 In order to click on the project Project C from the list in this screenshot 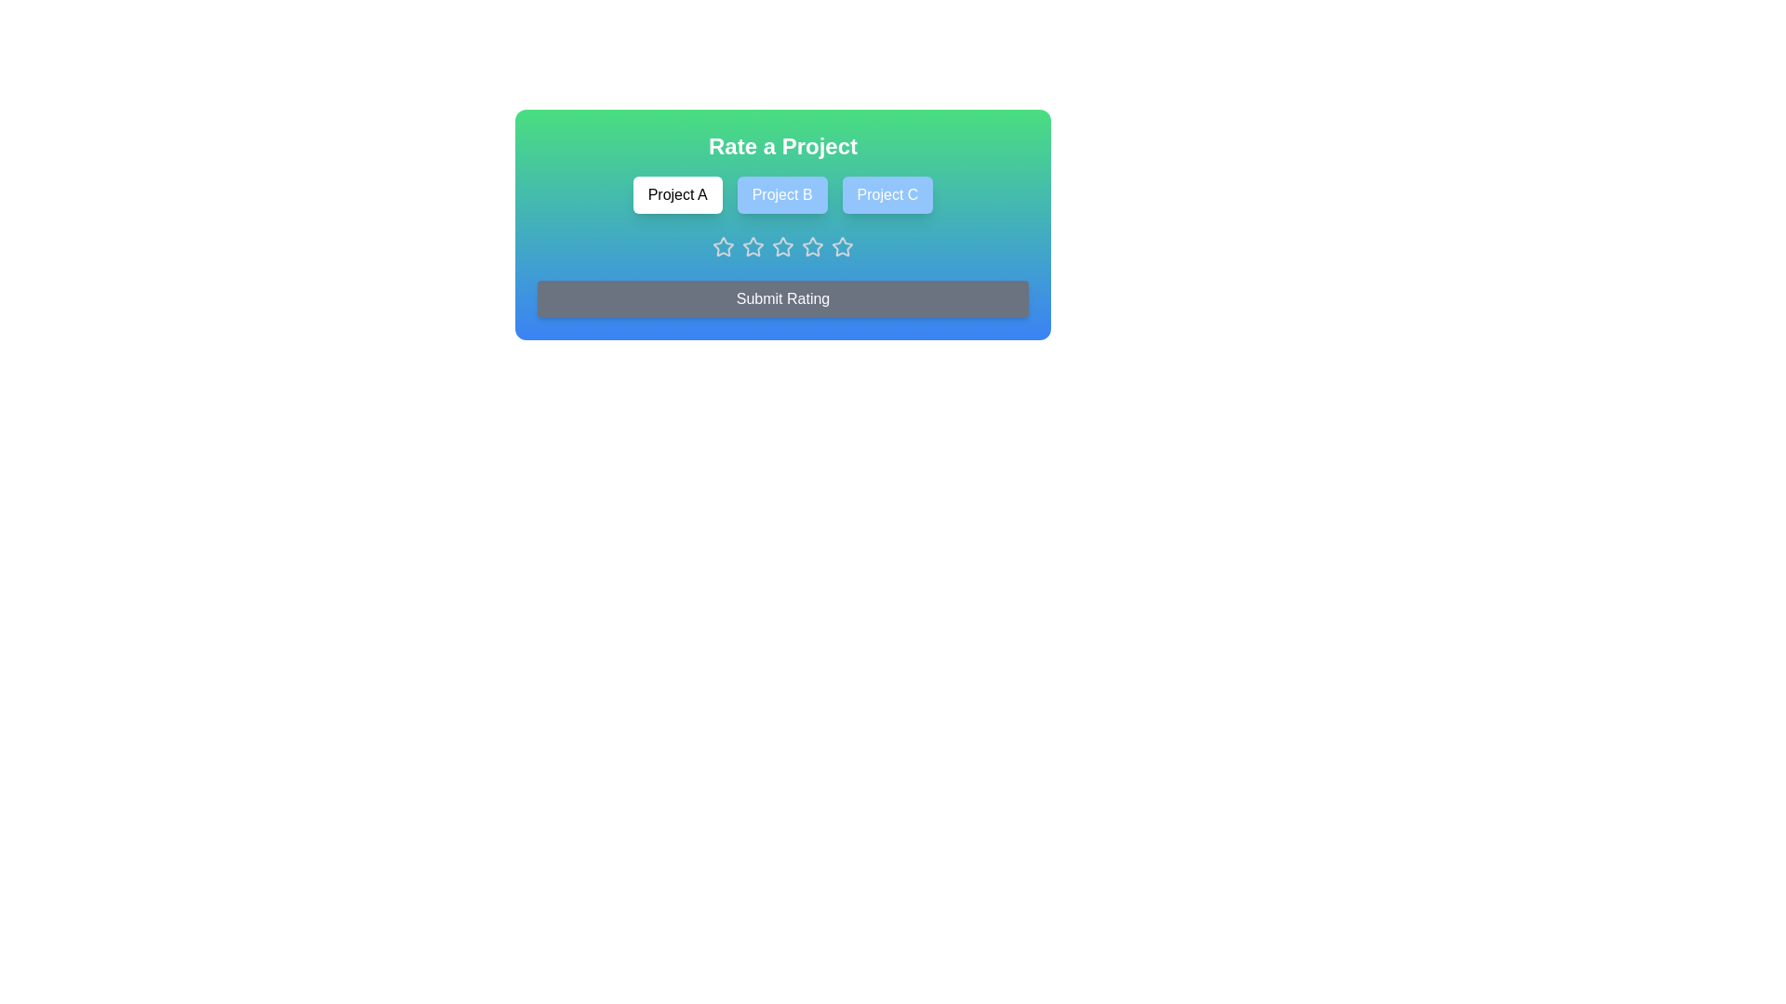, I will do `click(886, 194)`.